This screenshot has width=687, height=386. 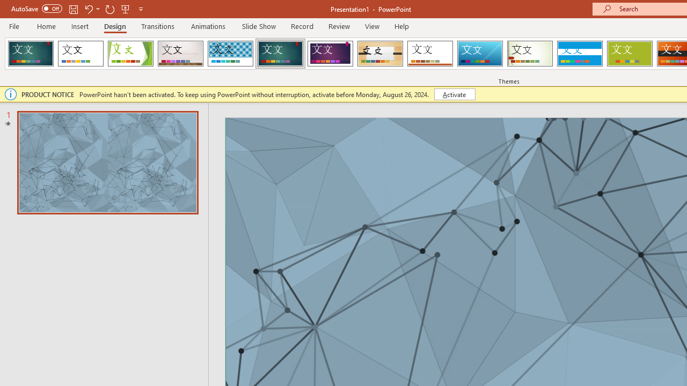 I want to click on 'Design', so click(x=115, y=26).